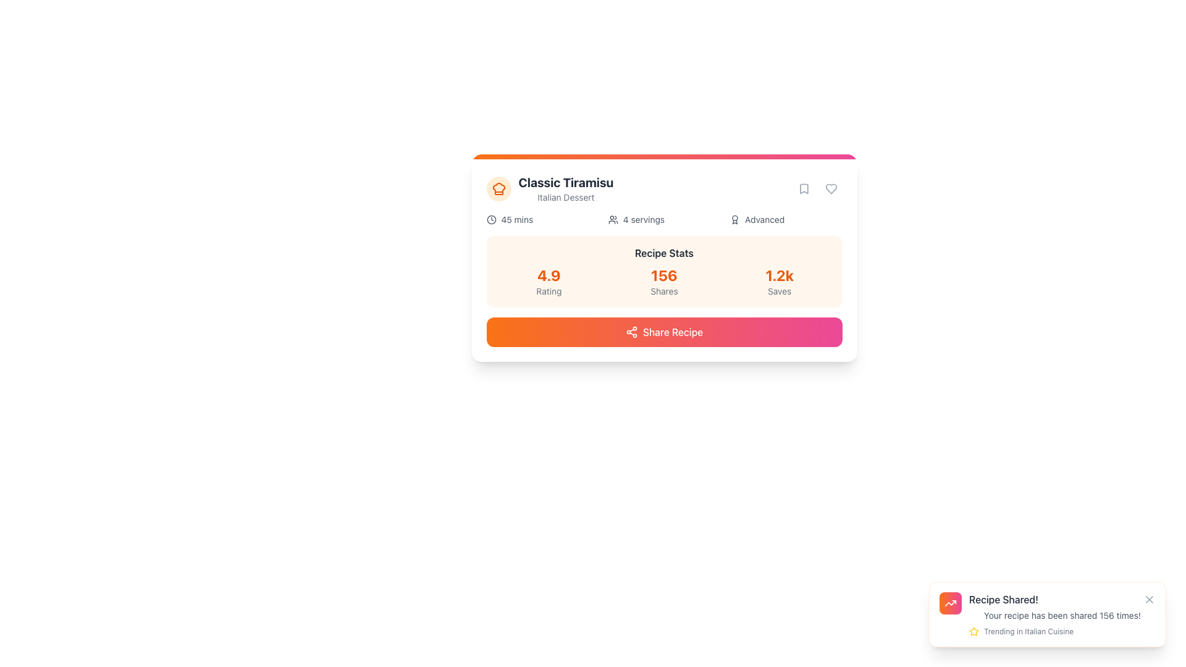 The width and height of the screenshot is (1186, 667). Describe the element at coordinates (1028, 631) in the screenshot. I see `text label that reads 'Trending in Italian Cuisine', located within the notification-style card at the bottom-right corner of the interface, for additional information` at that location.